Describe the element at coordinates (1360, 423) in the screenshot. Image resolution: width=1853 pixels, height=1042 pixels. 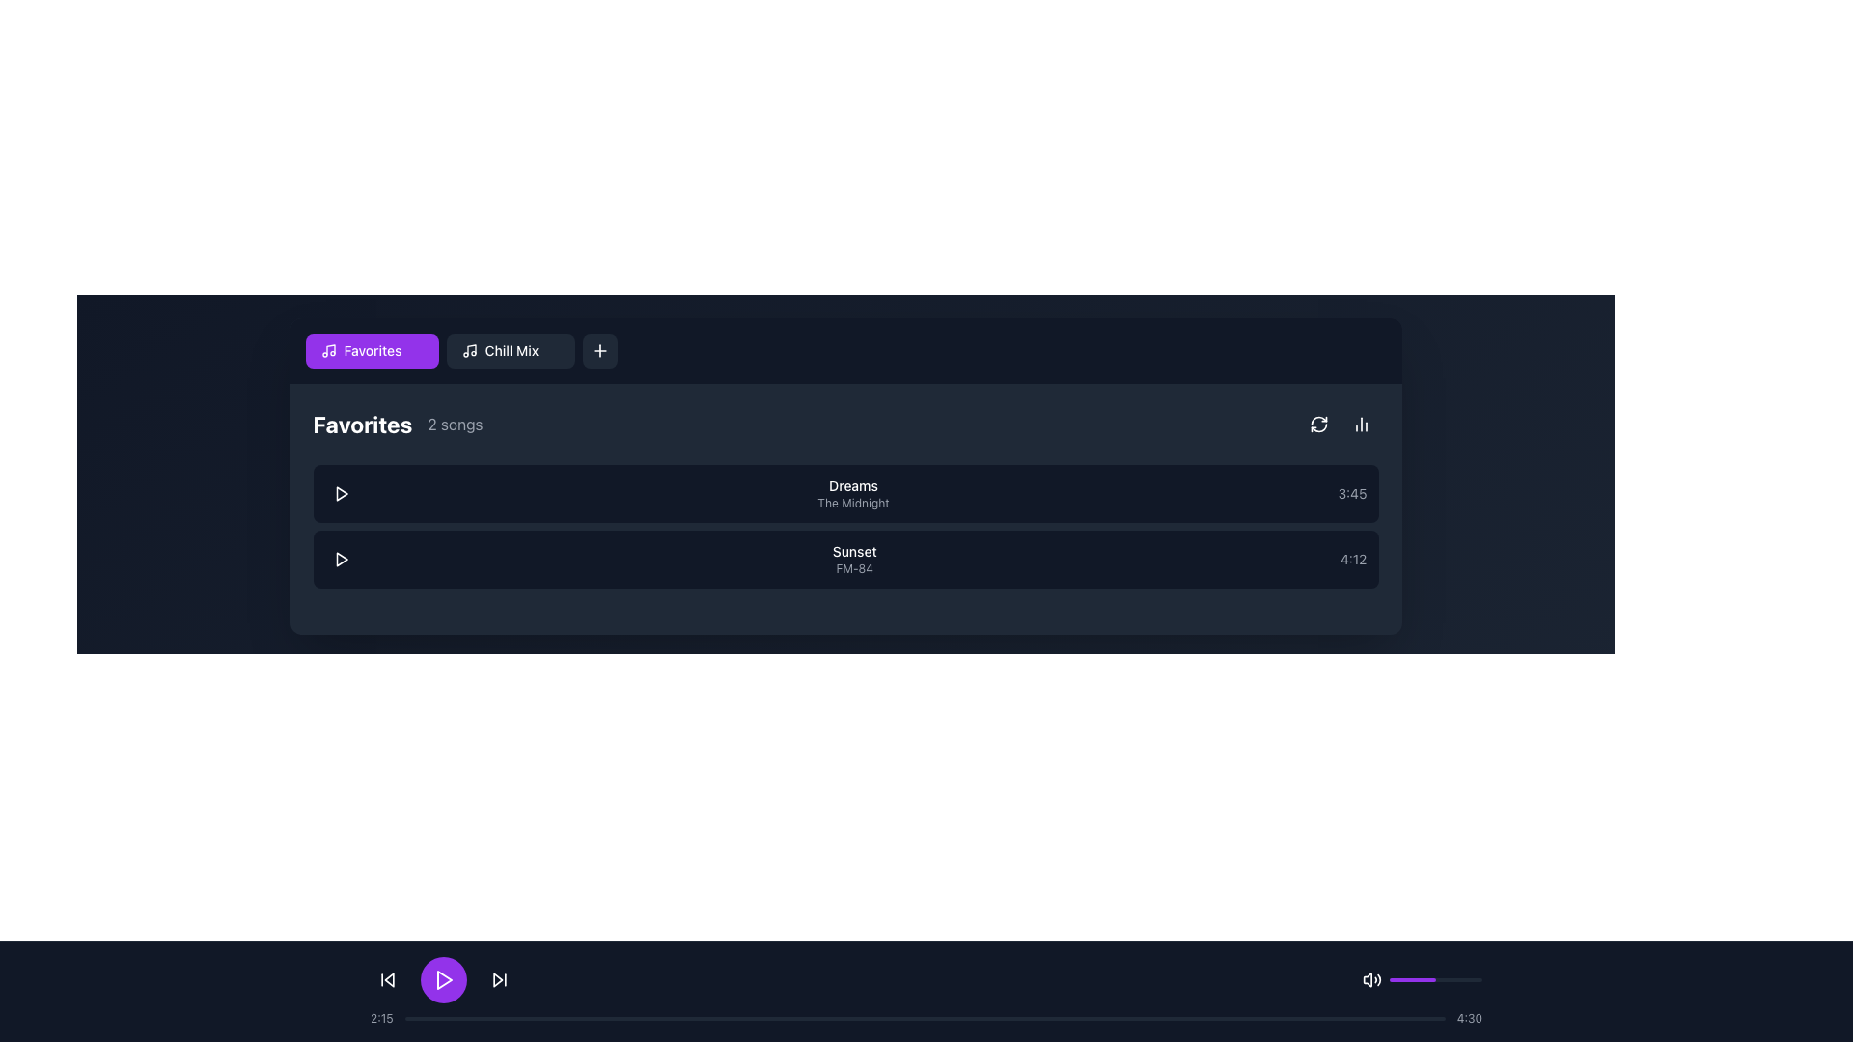
I see `the second interactive button located to the right of the refresh icon button in the top-right corner of the playlist interface` at that location.